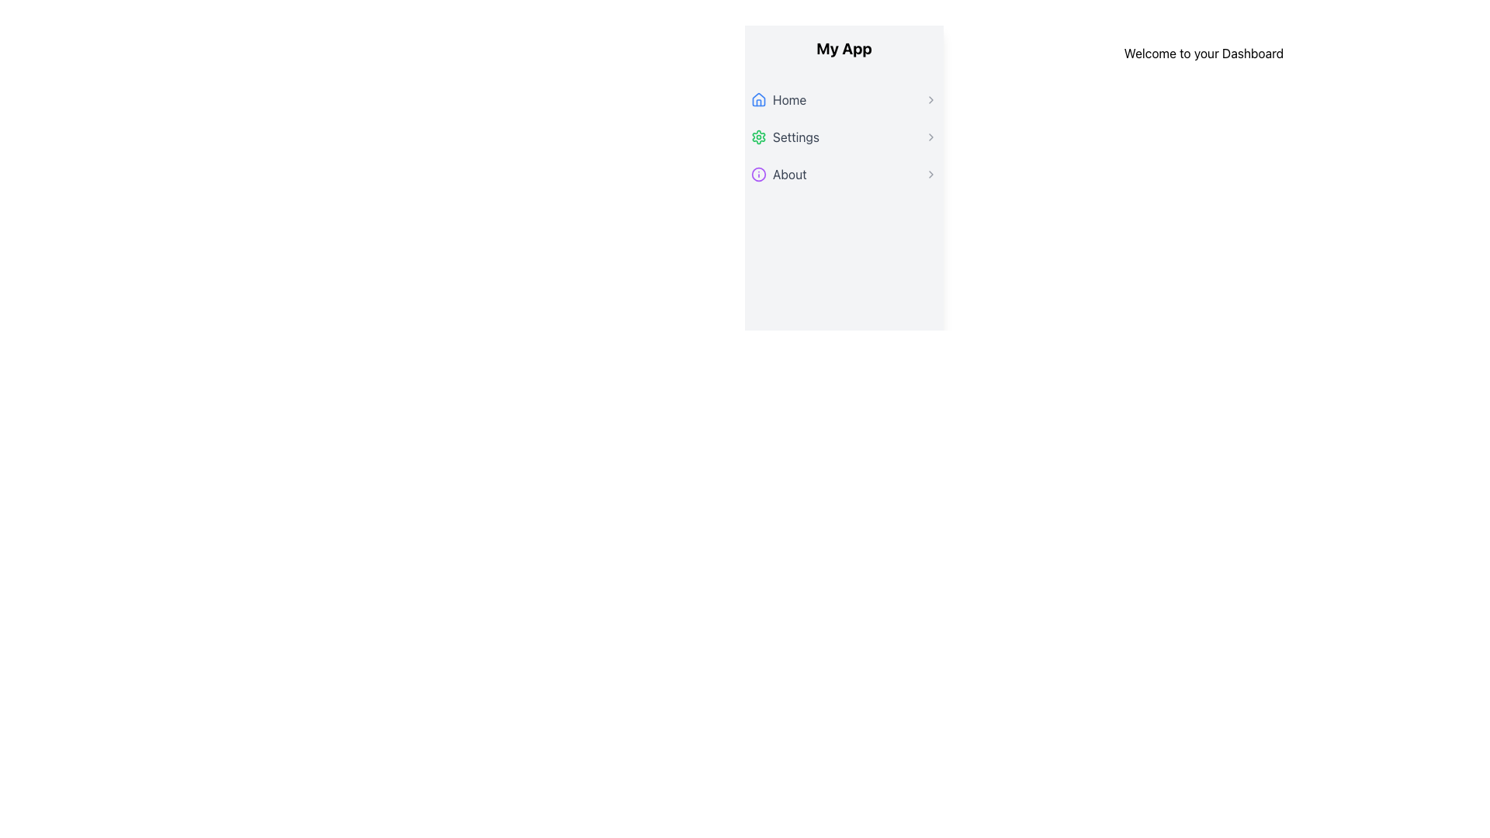  What do you see at coordinates (759, 137) in the screenshot?
I see `the 'Settings' icon located in the center-right section of the menu, adjacent to the 'Settings' label` at bounding box center [759, 137].